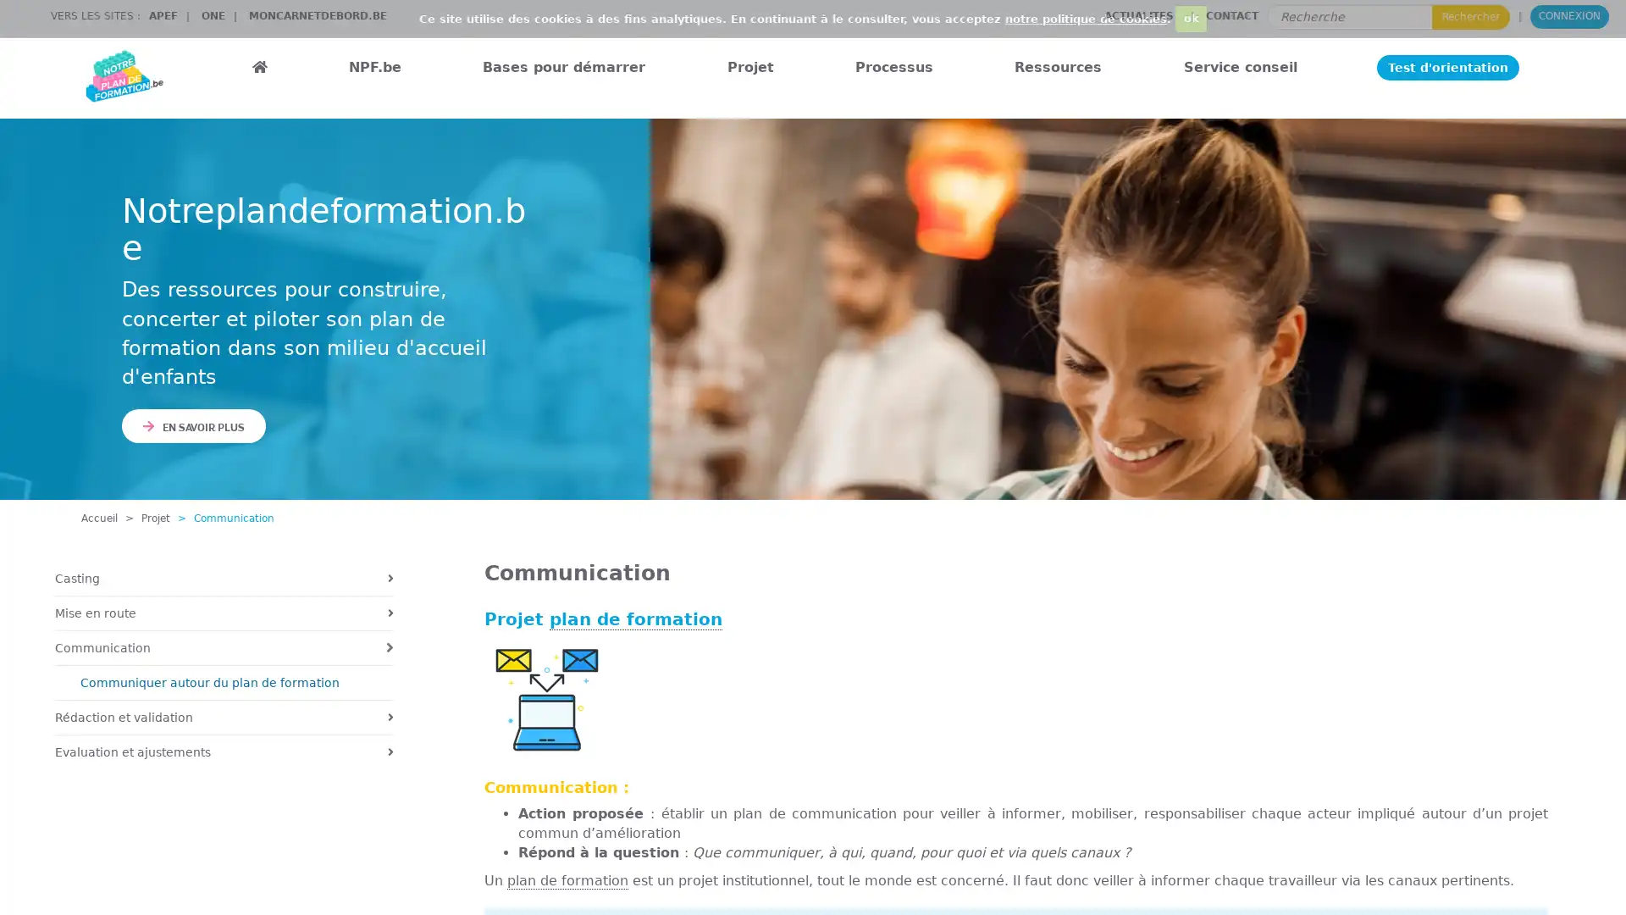  Describe the element at coordinates (1470, 16) in the screenshot. I see `Rechercher` at that location.